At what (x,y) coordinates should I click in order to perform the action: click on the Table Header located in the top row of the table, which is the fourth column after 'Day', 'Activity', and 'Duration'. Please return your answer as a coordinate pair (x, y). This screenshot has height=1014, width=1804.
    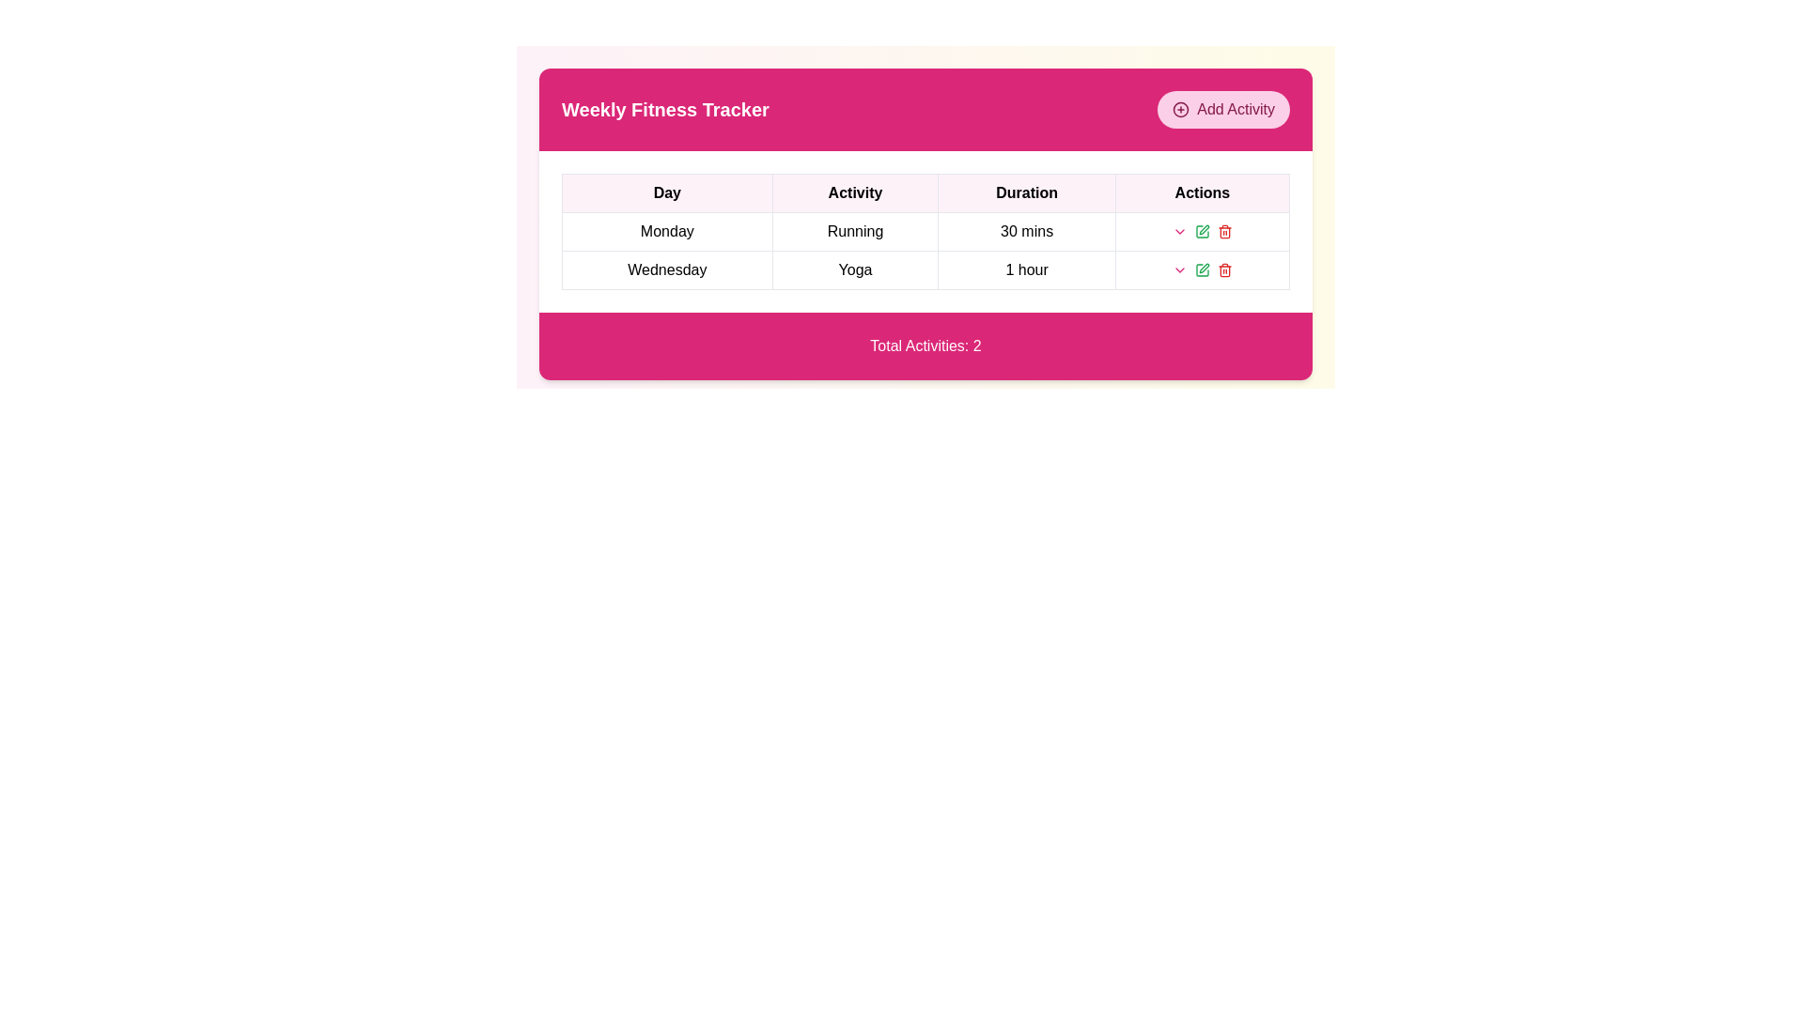
    Looking at the image, I should click on (1201, 192).